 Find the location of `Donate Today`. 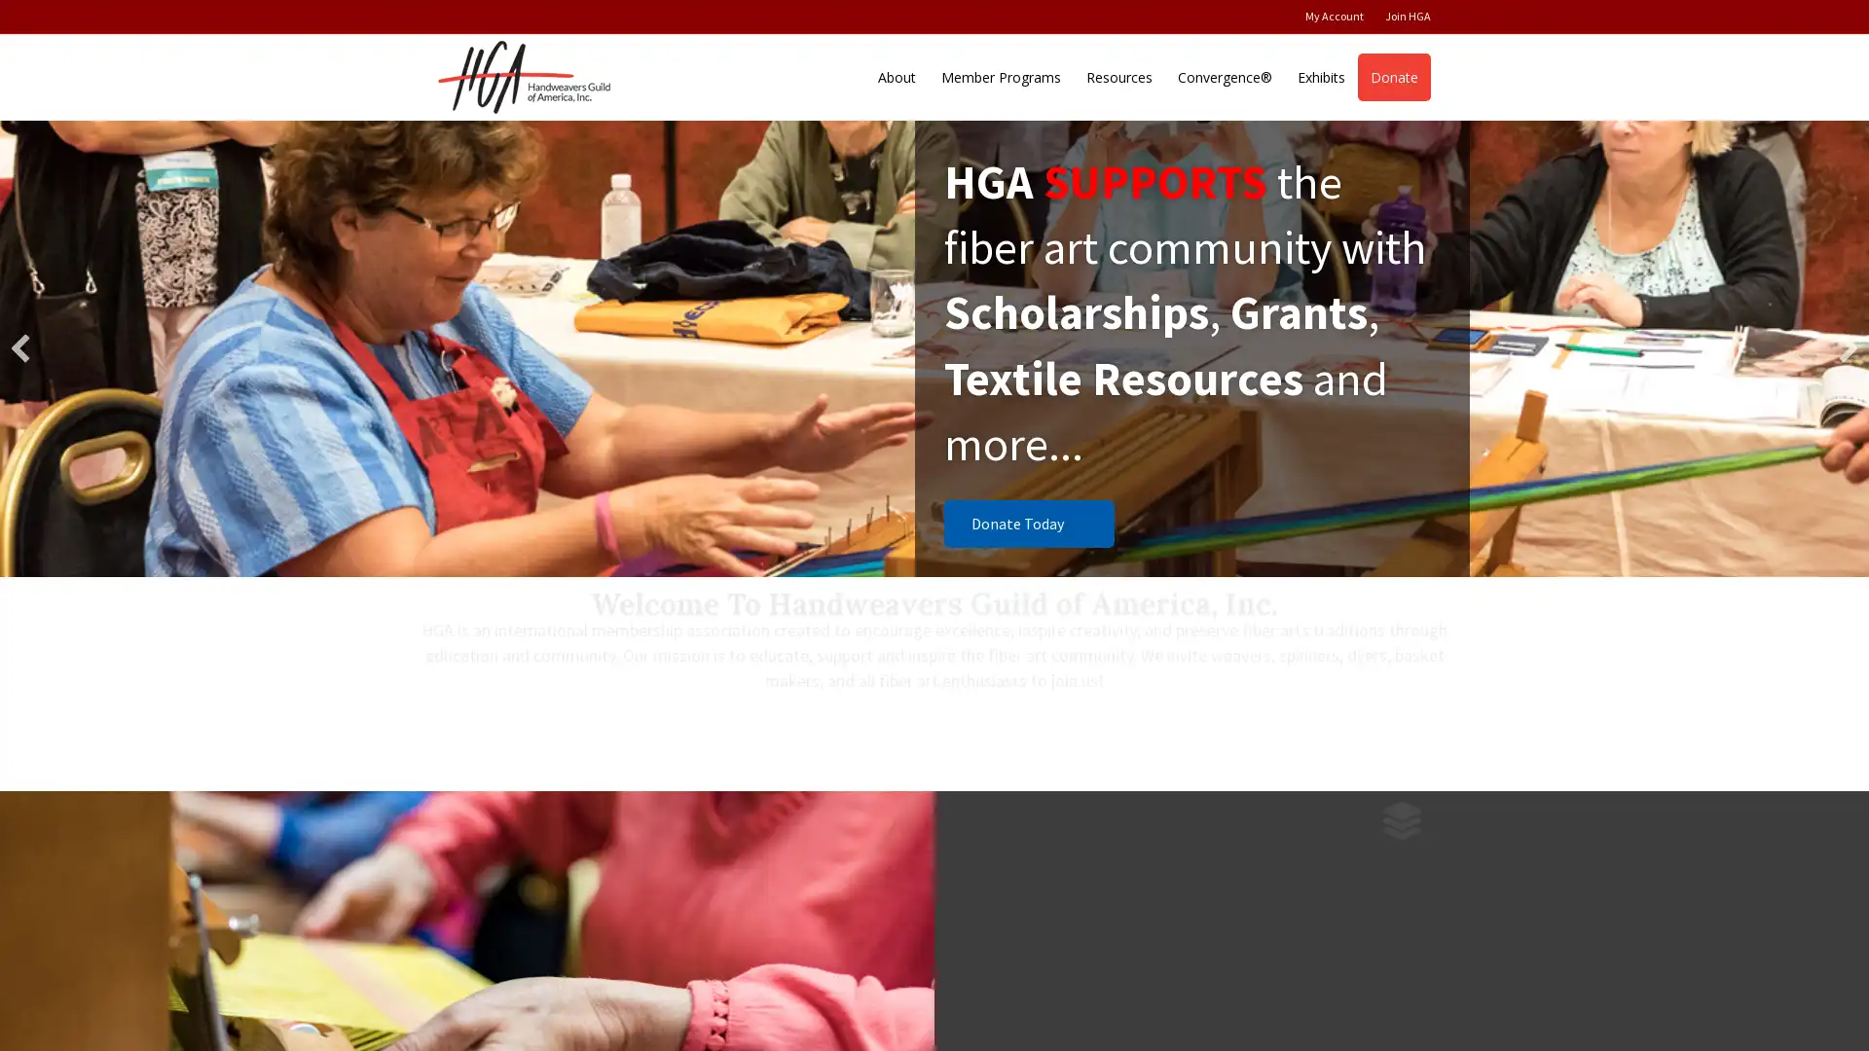

Donate Today is located at coordinates (1028, 522).